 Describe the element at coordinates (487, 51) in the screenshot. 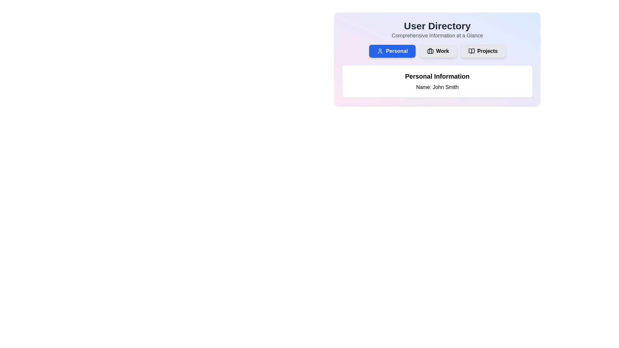

I see `the 'Projects' button in the top horizontal navigation bar` at that location.